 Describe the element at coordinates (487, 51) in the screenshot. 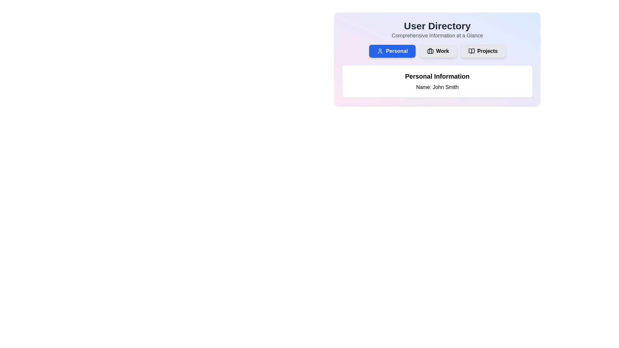

I see `the 'Projects' button in the top horizontal navigation bar` at that location.